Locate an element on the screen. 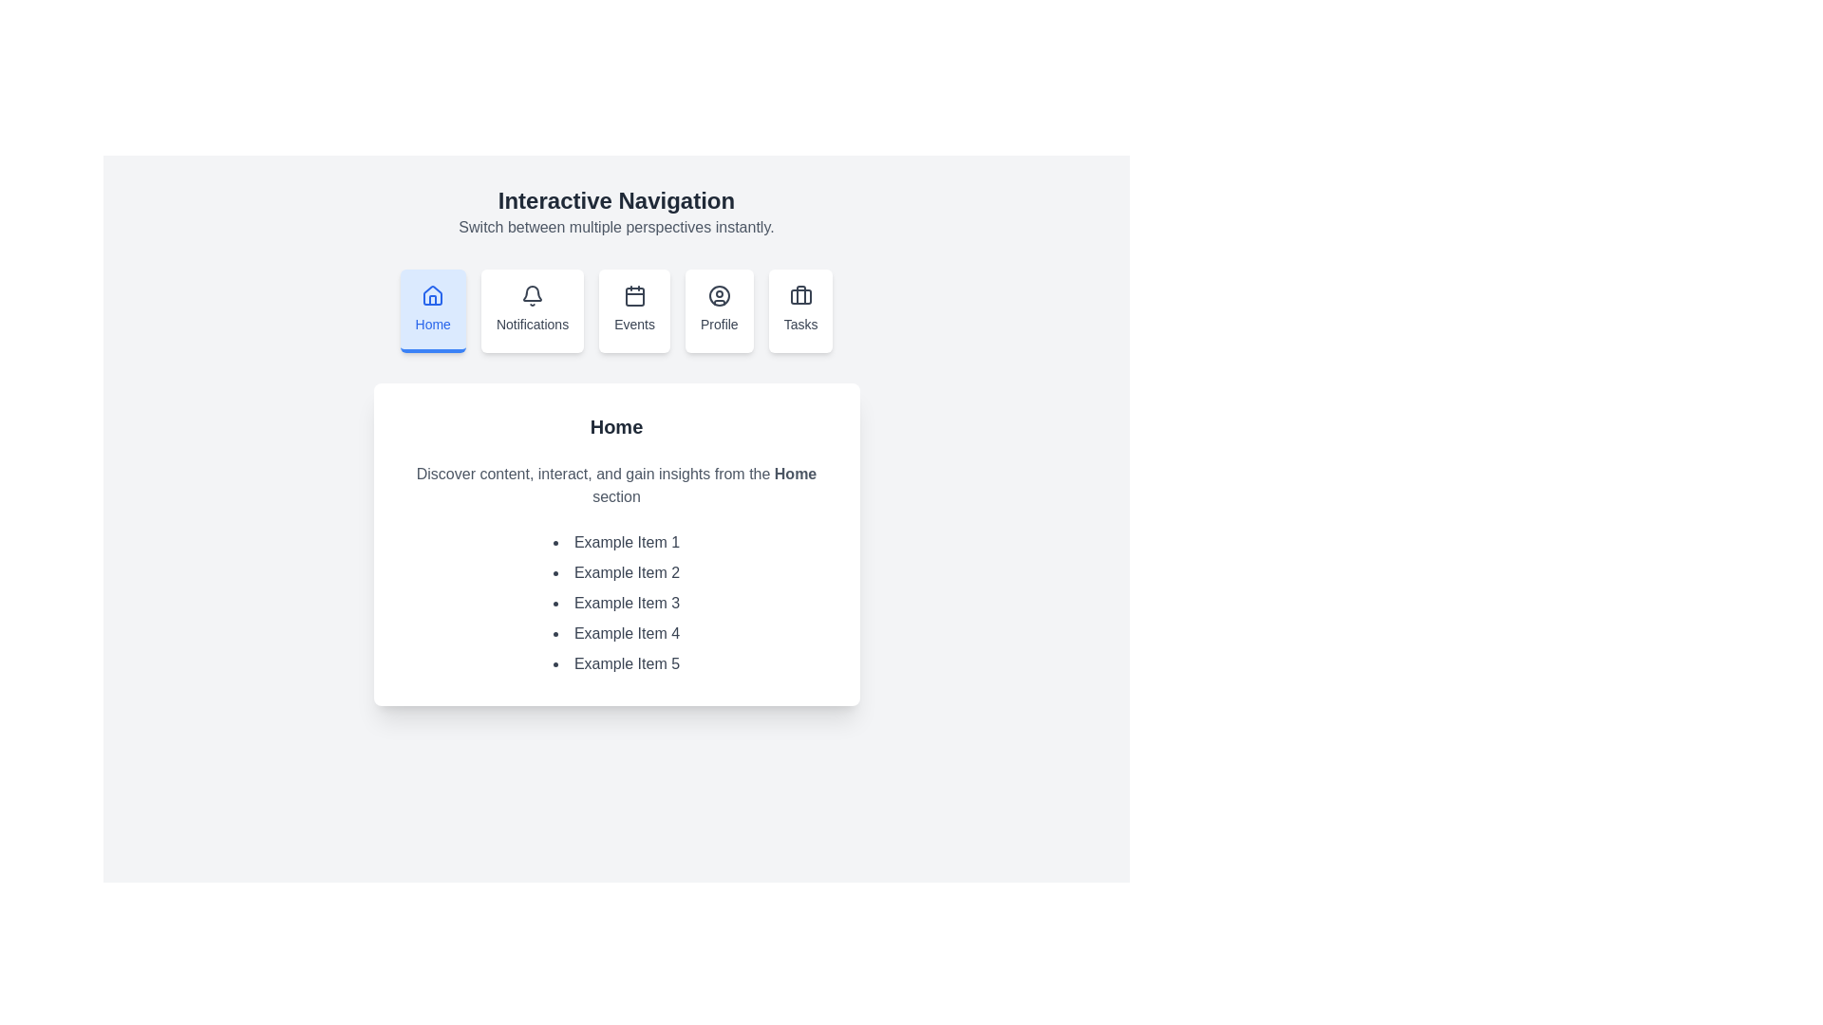 This screenshot has width=1823, height=1025. the 'Home' icon located in the top-left corner of the navigation menu bar, which allows access to the main dashboard is located at coordinates (432, 295).